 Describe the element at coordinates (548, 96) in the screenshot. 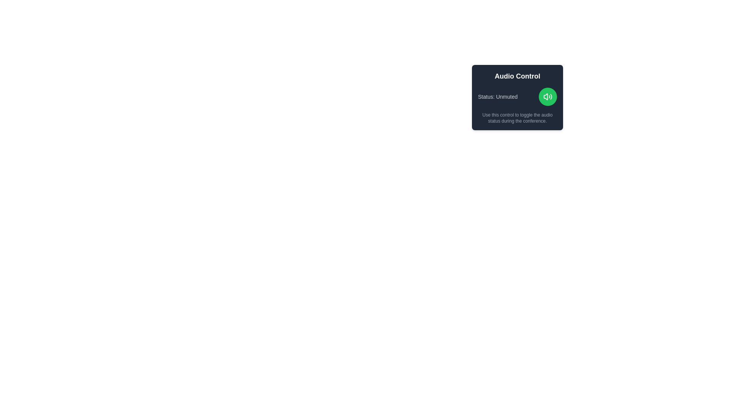

I see `the audio wave icon located inside the green circular button in the 'Audio Control' section on the right side of the interface` at that location.